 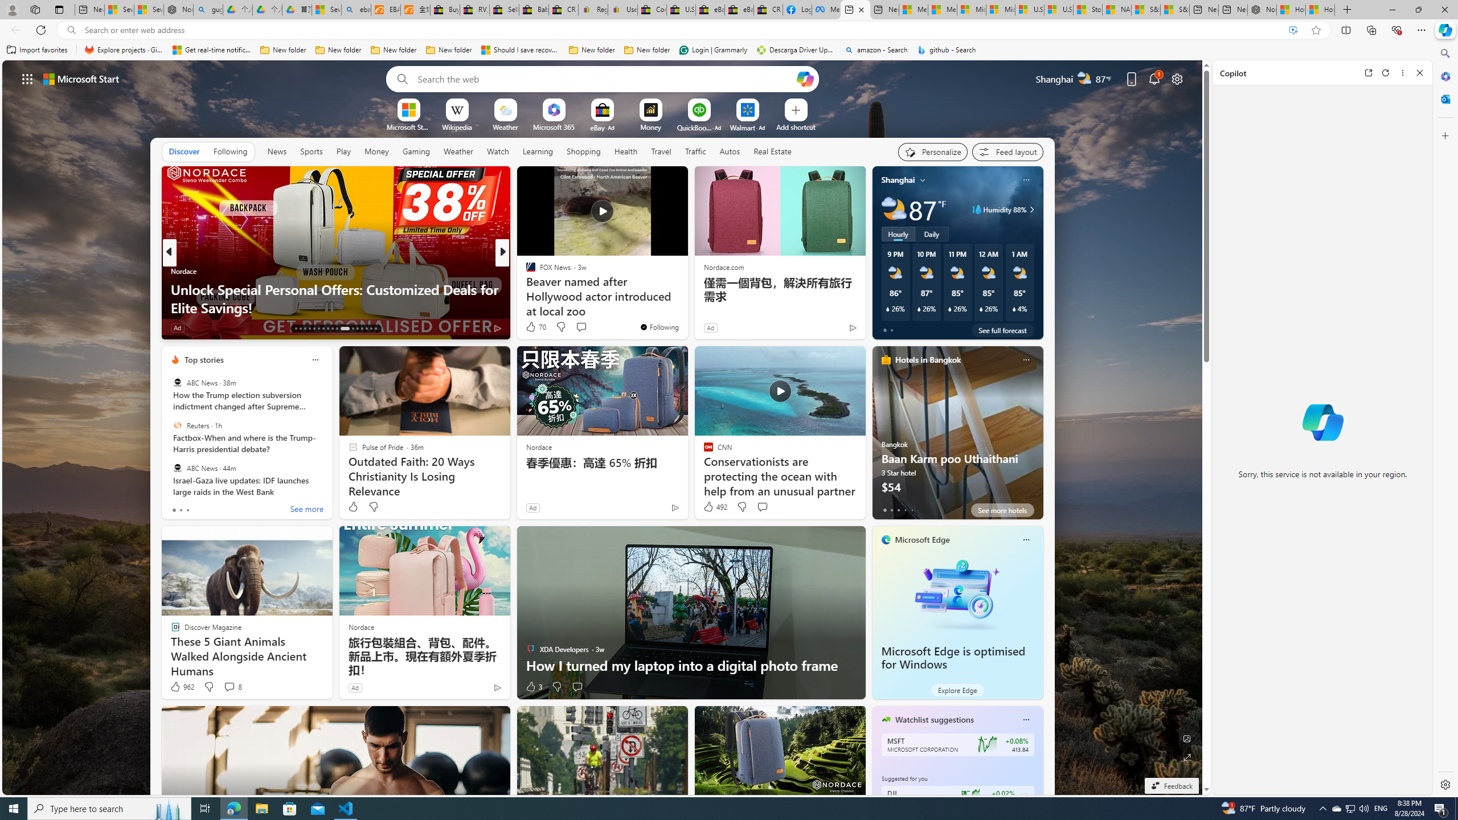 What do you see at coordinates (1347, 9) in the screenshot?
I see `'New Tab'` at bounding box center [1347, 9].